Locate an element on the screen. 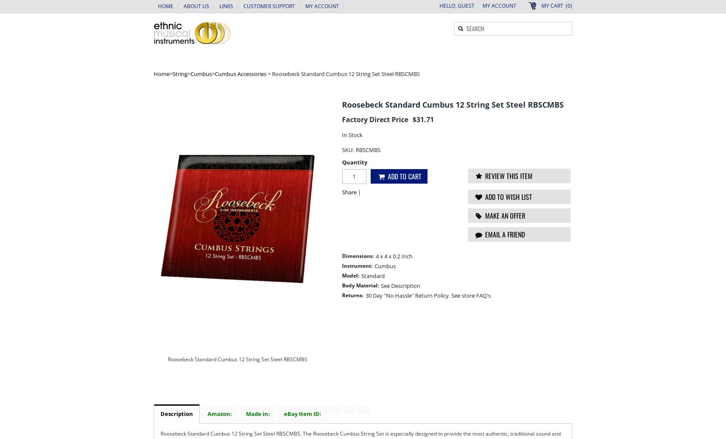  'Instrument:' is located at coordinates (342, 265).